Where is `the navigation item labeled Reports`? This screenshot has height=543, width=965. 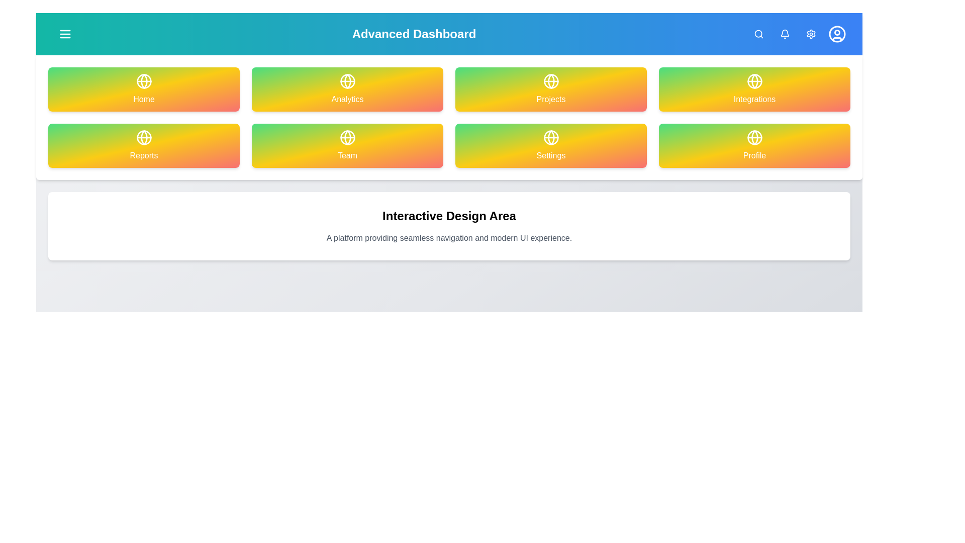
the navigation item labeled Reports is located at coordinates (143, 145).